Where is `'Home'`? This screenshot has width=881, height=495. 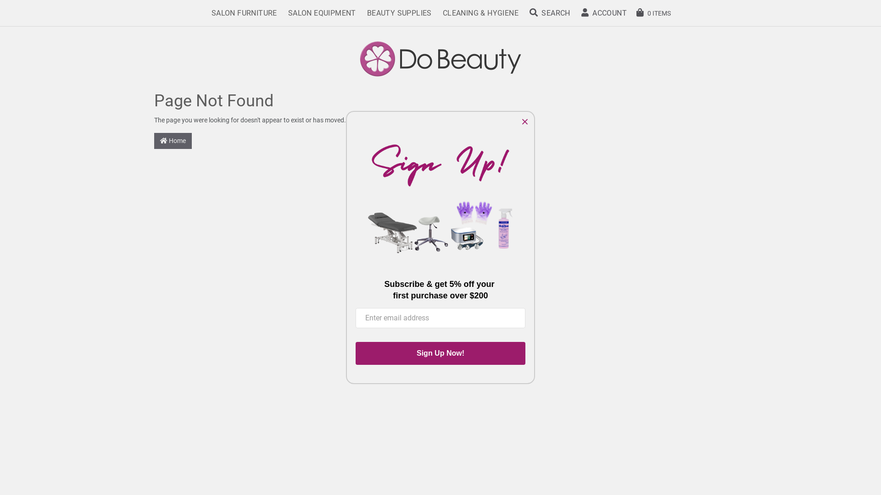
'Home' is located at coordinates (173, 141).